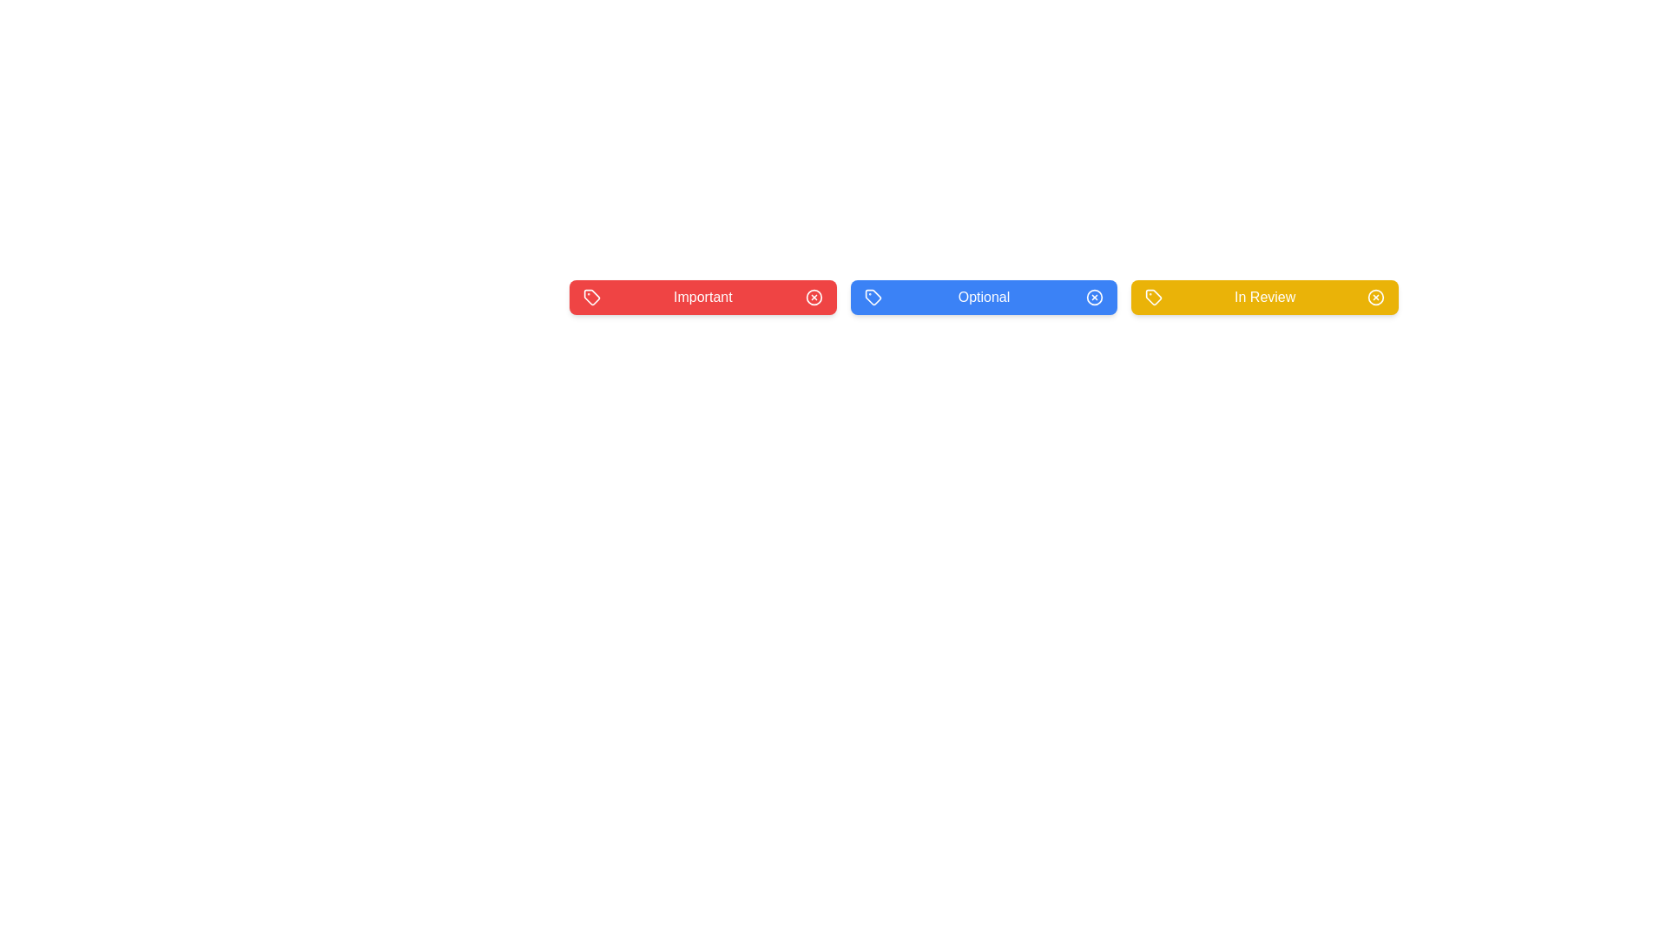  What do you see at coordinates (702, 297) in the screenshot?
I see `the tag labeled 'Important' to observe its hover effect` at bounding box center [702, 297].